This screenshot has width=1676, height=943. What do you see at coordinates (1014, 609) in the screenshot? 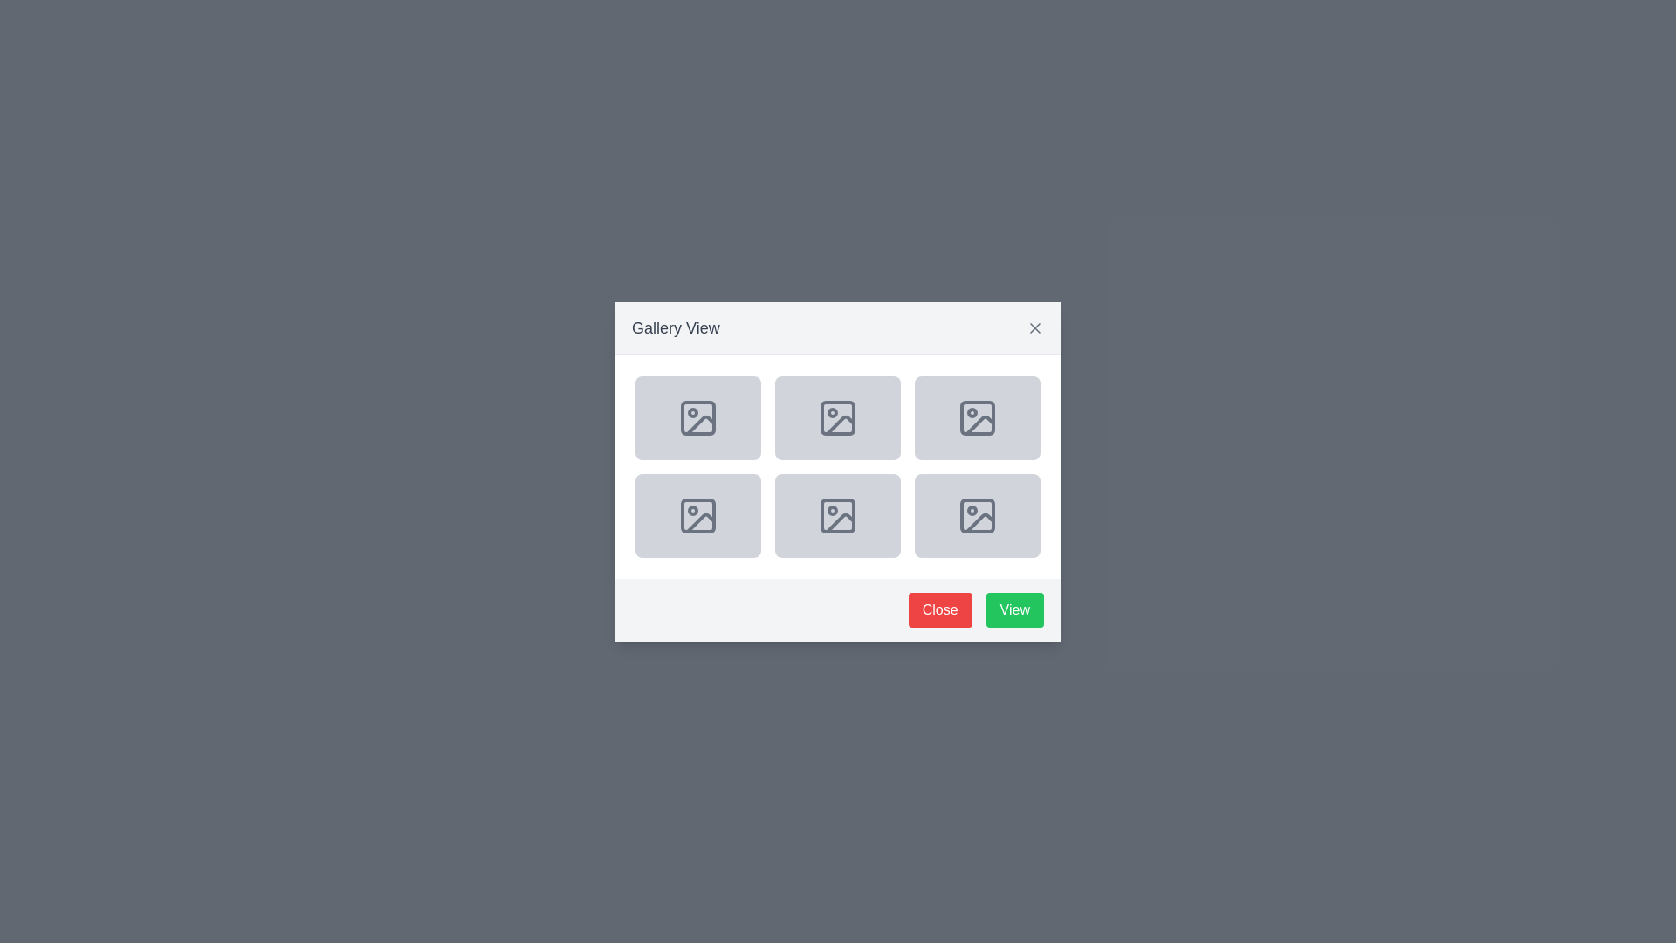
I see `the 'View' button located at the bottom-right corner of the modal window, positioned to the right of the 'Close' button` at bounding box center [1014, 609].